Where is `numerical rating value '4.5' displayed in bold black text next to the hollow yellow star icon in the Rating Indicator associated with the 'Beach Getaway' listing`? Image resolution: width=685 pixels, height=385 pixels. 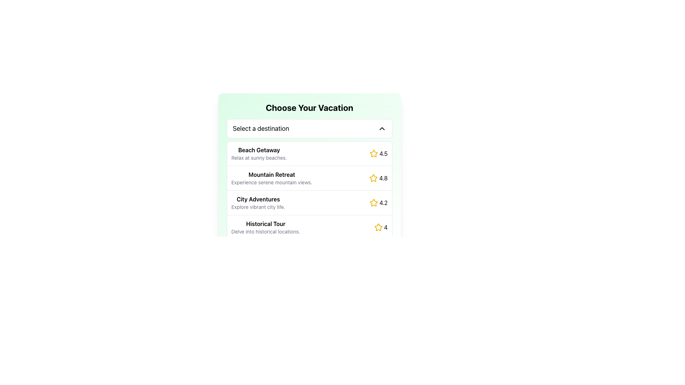
numerical rating value '4.5' displayed in bold black text next to the hollow yellow star icon in the Rating Indicator associated with the 'Beach Getaway' listing is located at coordinates (378, 153).